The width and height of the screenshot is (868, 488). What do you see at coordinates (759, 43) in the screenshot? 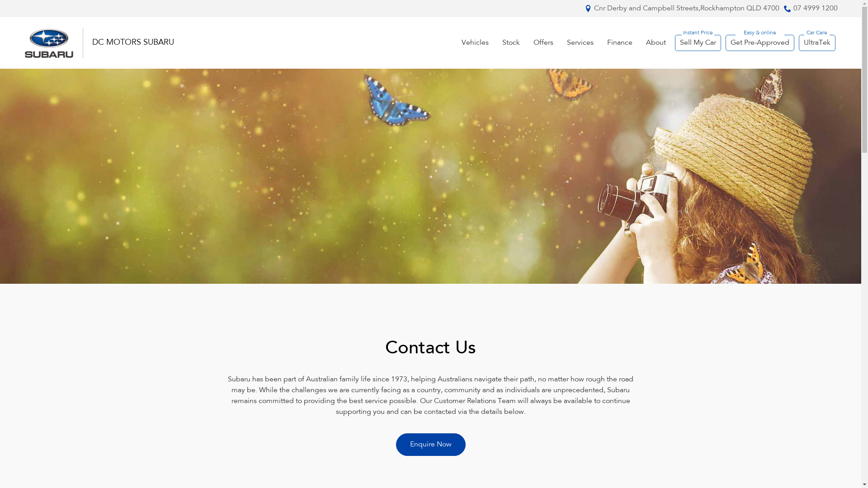
I see `'Get Pre-Approved'` at bounding box center [759, 43].